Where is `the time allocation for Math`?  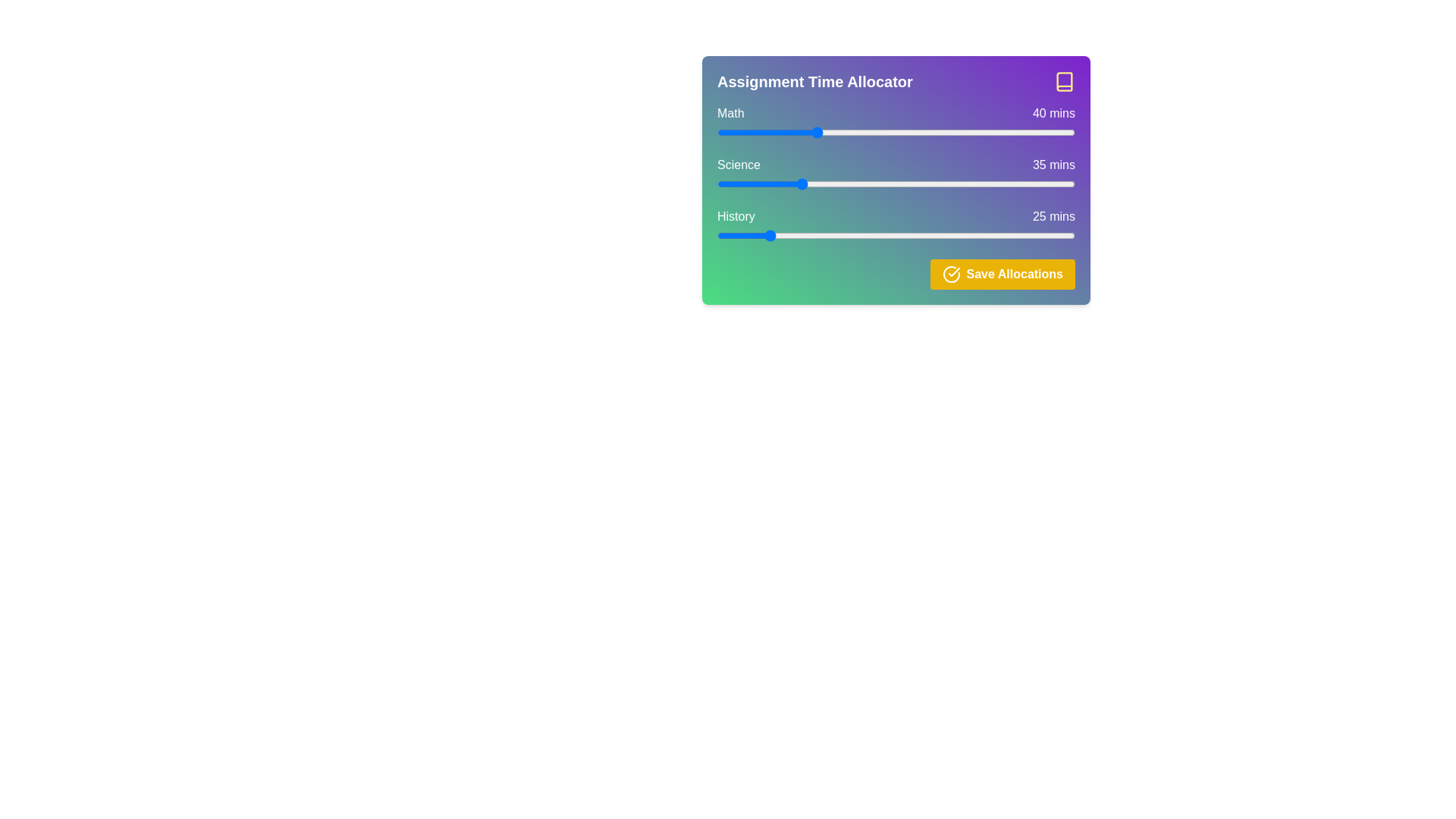 the time allocation for Math is located at coordinates (927, 131).